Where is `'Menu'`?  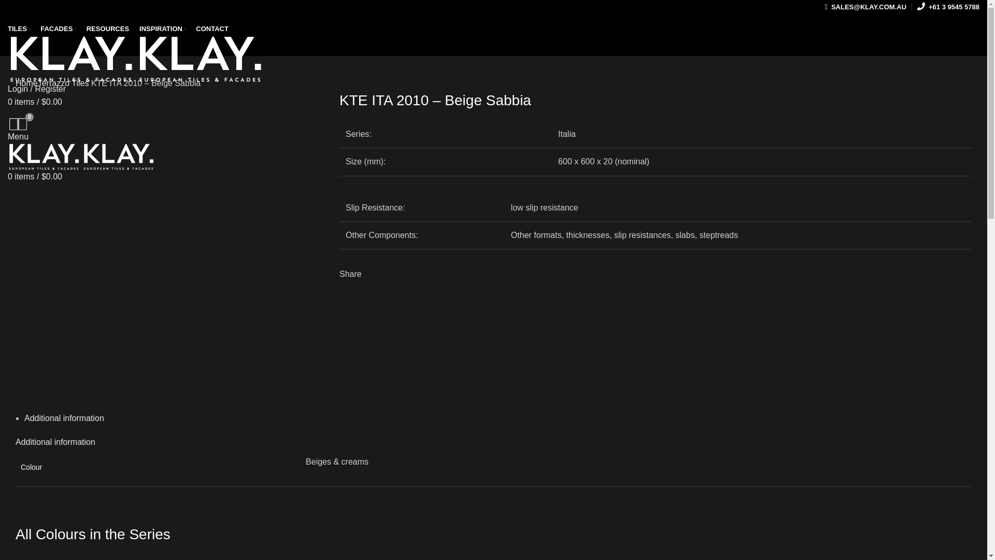
'Menu' is located at coordinates (18, 136).